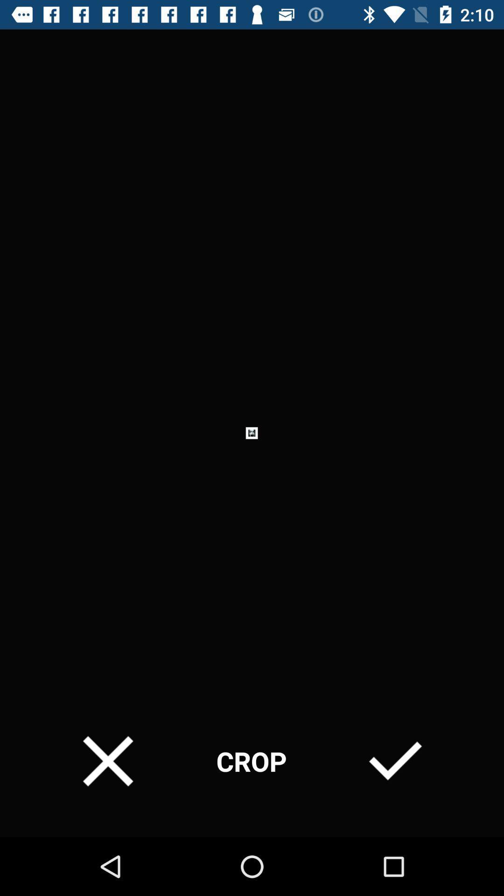 This screenshot has width=504, height=896. What do you see at coordinates (395, 761) in the screenshot?
I see `the icon to the right of the crop icon` at bounding box center [395, 761].